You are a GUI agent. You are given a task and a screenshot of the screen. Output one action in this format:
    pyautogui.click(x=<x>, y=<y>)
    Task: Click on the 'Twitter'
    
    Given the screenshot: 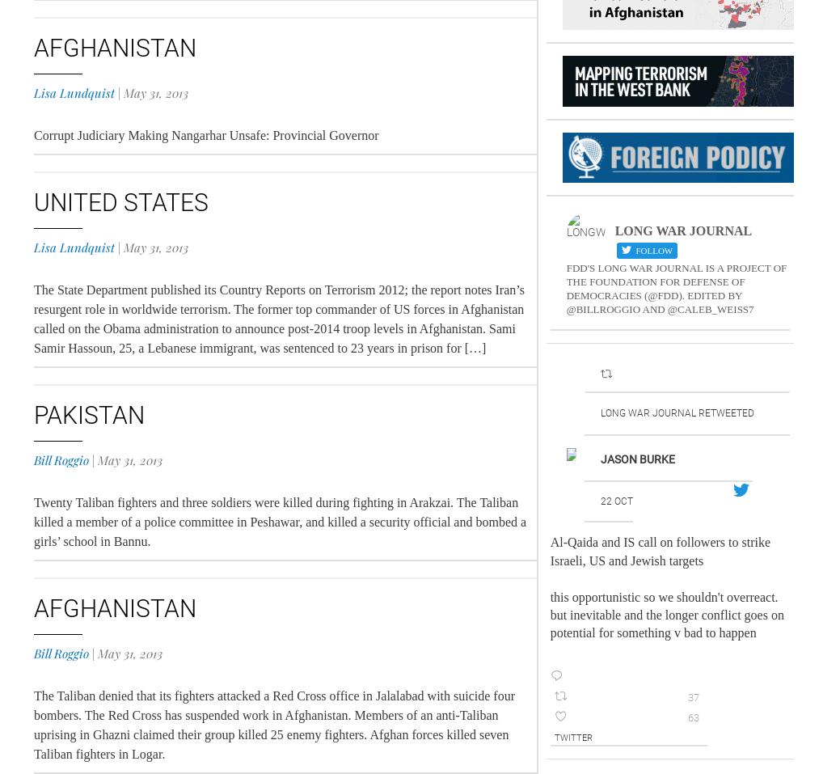 What is the action you would take?
    pyautogui.click(x=572, y=737)
    